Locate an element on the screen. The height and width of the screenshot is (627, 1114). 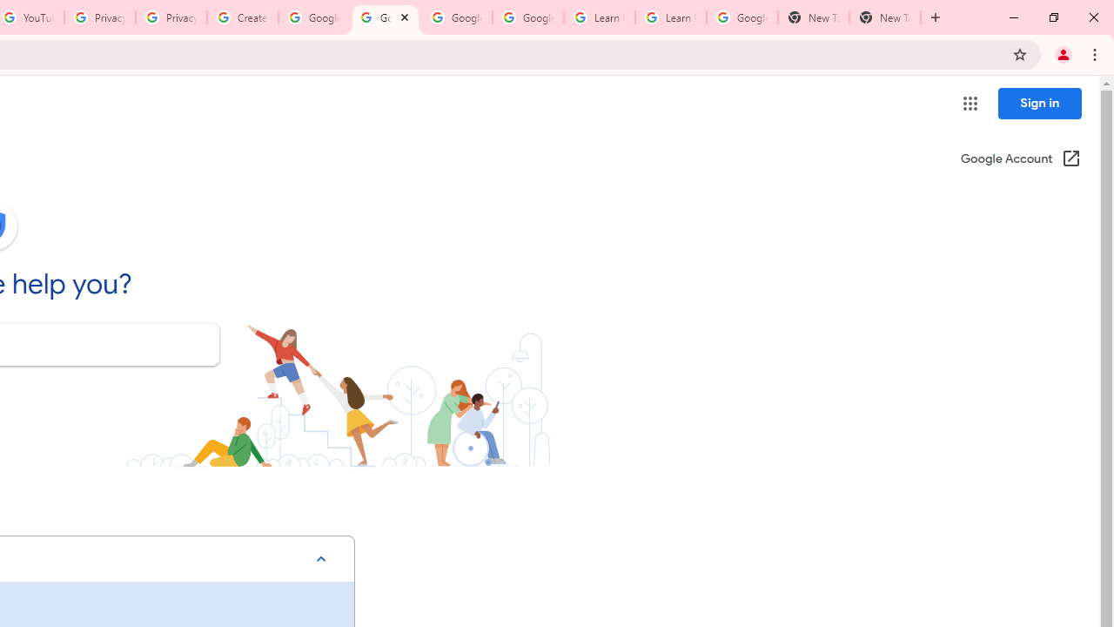
'Create your Google Account' is located at coordinates (242, 17).